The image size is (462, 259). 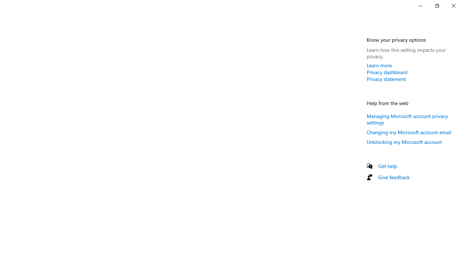 What do you see at coordinates (386, 79) in the screenshot?
I see `'Privacy statement'` at bounding box center [386, 79].